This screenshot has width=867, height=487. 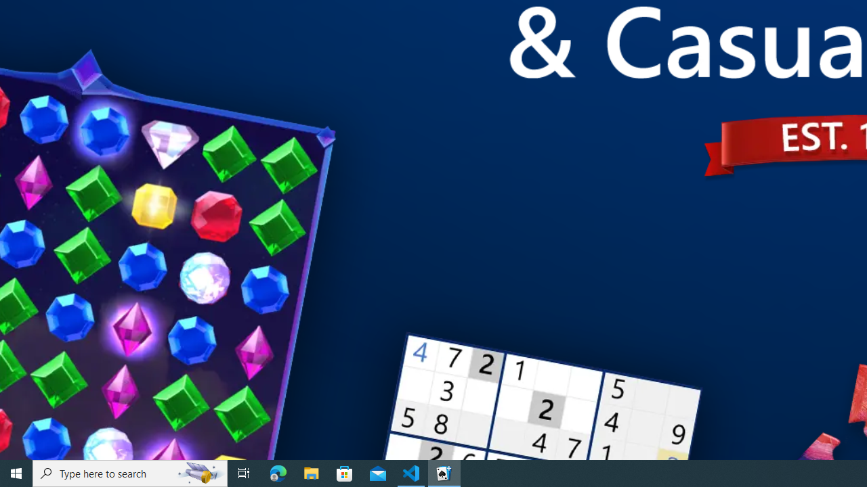 I want to click on 'Type here to search', so click(x=130, y=472).